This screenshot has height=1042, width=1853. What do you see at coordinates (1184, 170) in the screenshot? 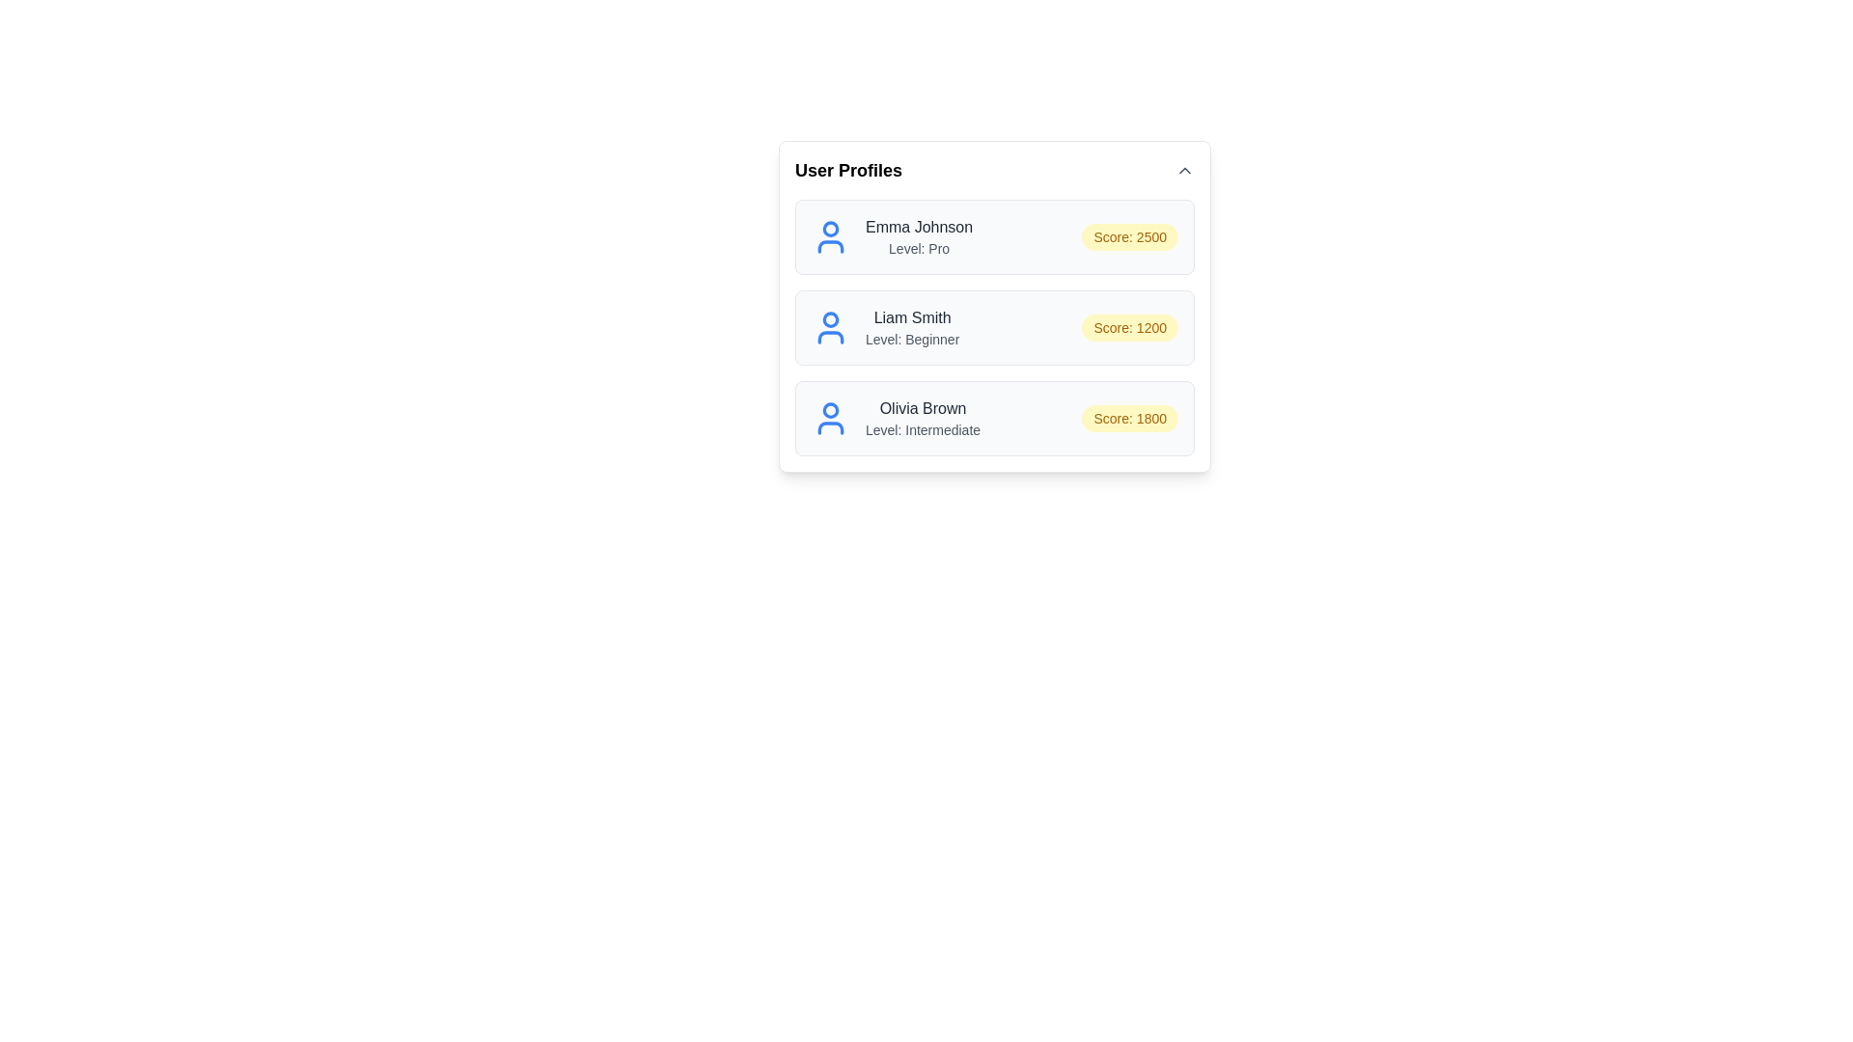
I see `the icon button located in the top-right corner of the 'User Profiles' section` at bounding box center [1184, 170].